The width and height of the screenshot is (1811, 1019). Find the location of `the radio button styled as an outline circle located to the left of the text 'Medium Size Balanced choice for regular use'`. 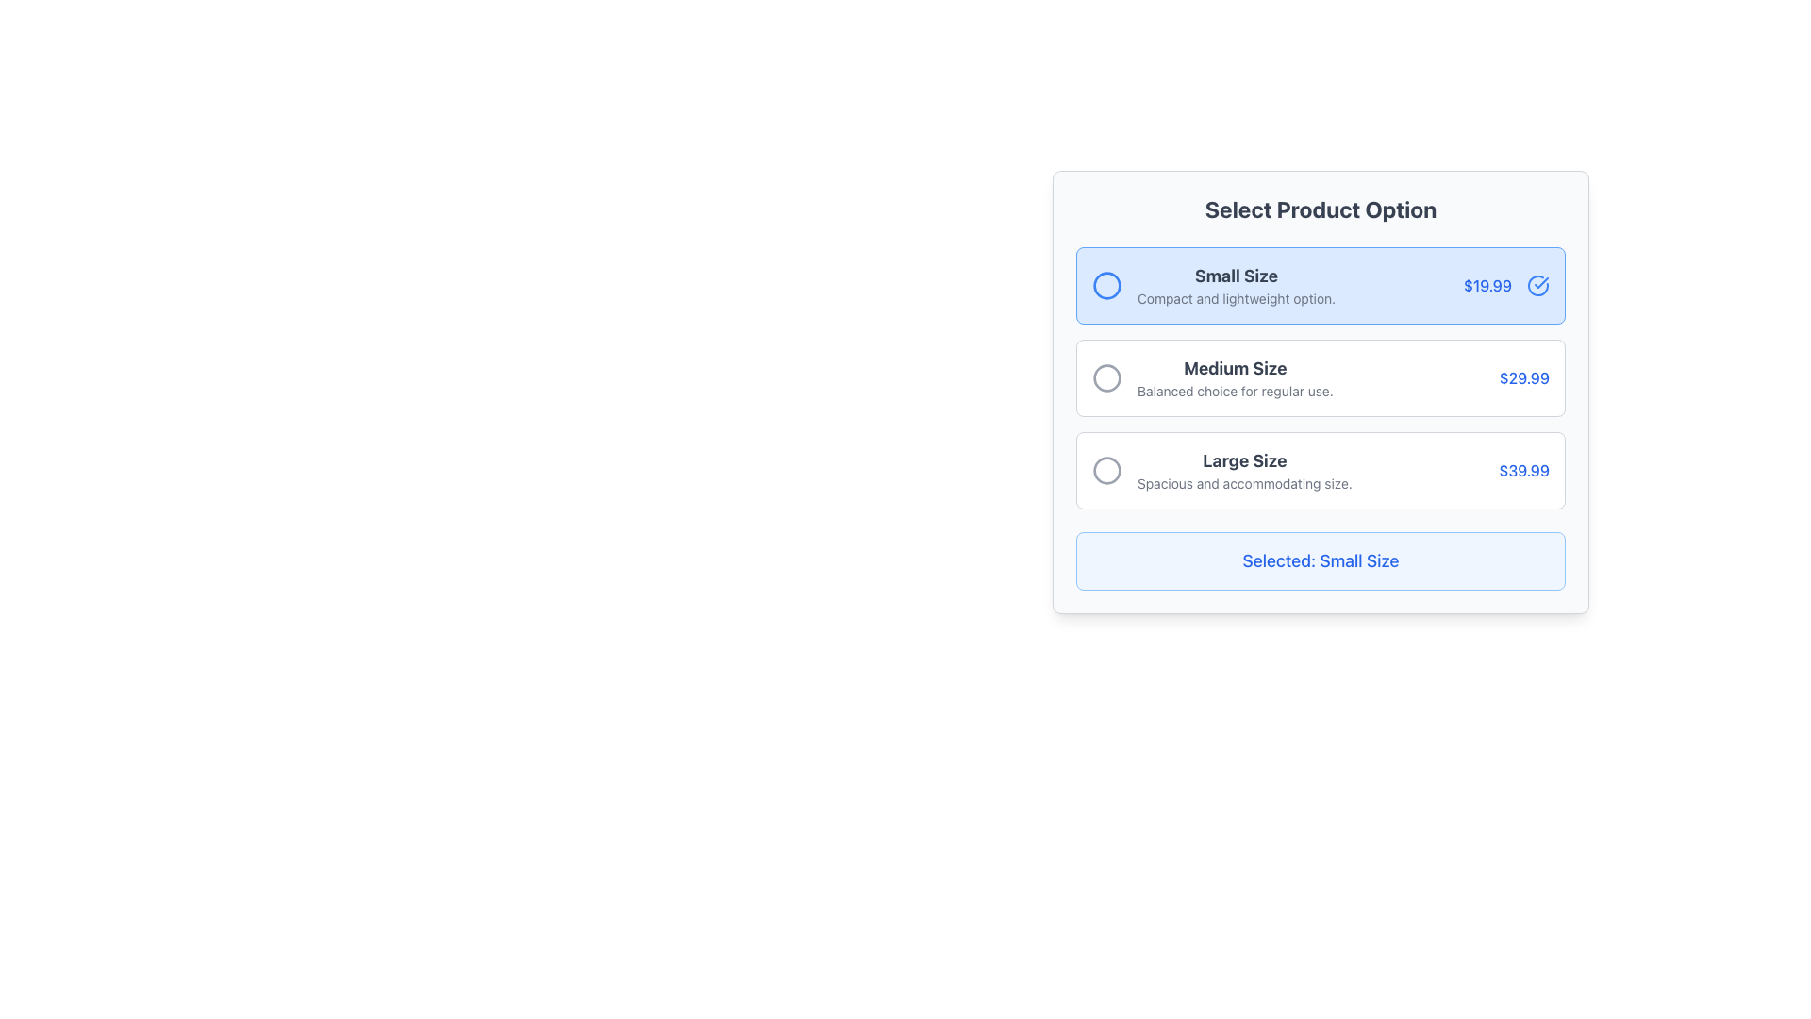

the radio button styled as an outline circle located to the left of the text 'Medium Size Balanced choice for regular use' is located at coordinates (1107, 378).